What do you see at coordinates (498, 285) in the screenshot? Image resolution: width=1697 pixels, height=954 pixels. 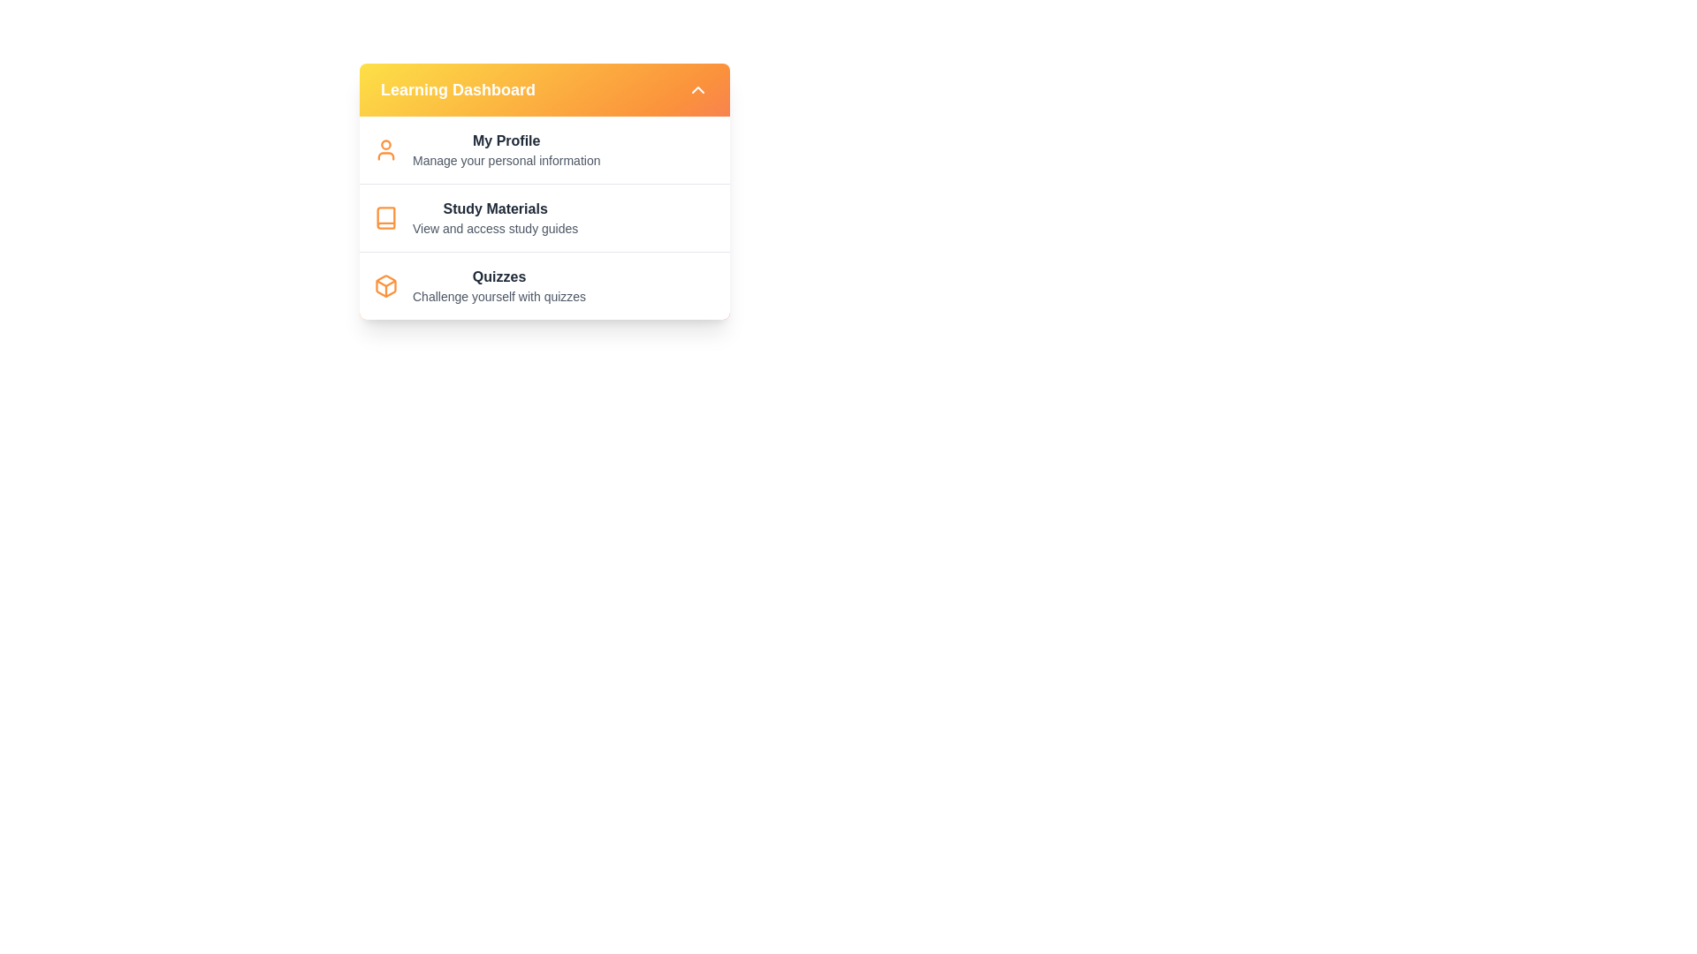 I see `the menu item Quizzes from the LearningMenu` at bounding box center [498, 285].